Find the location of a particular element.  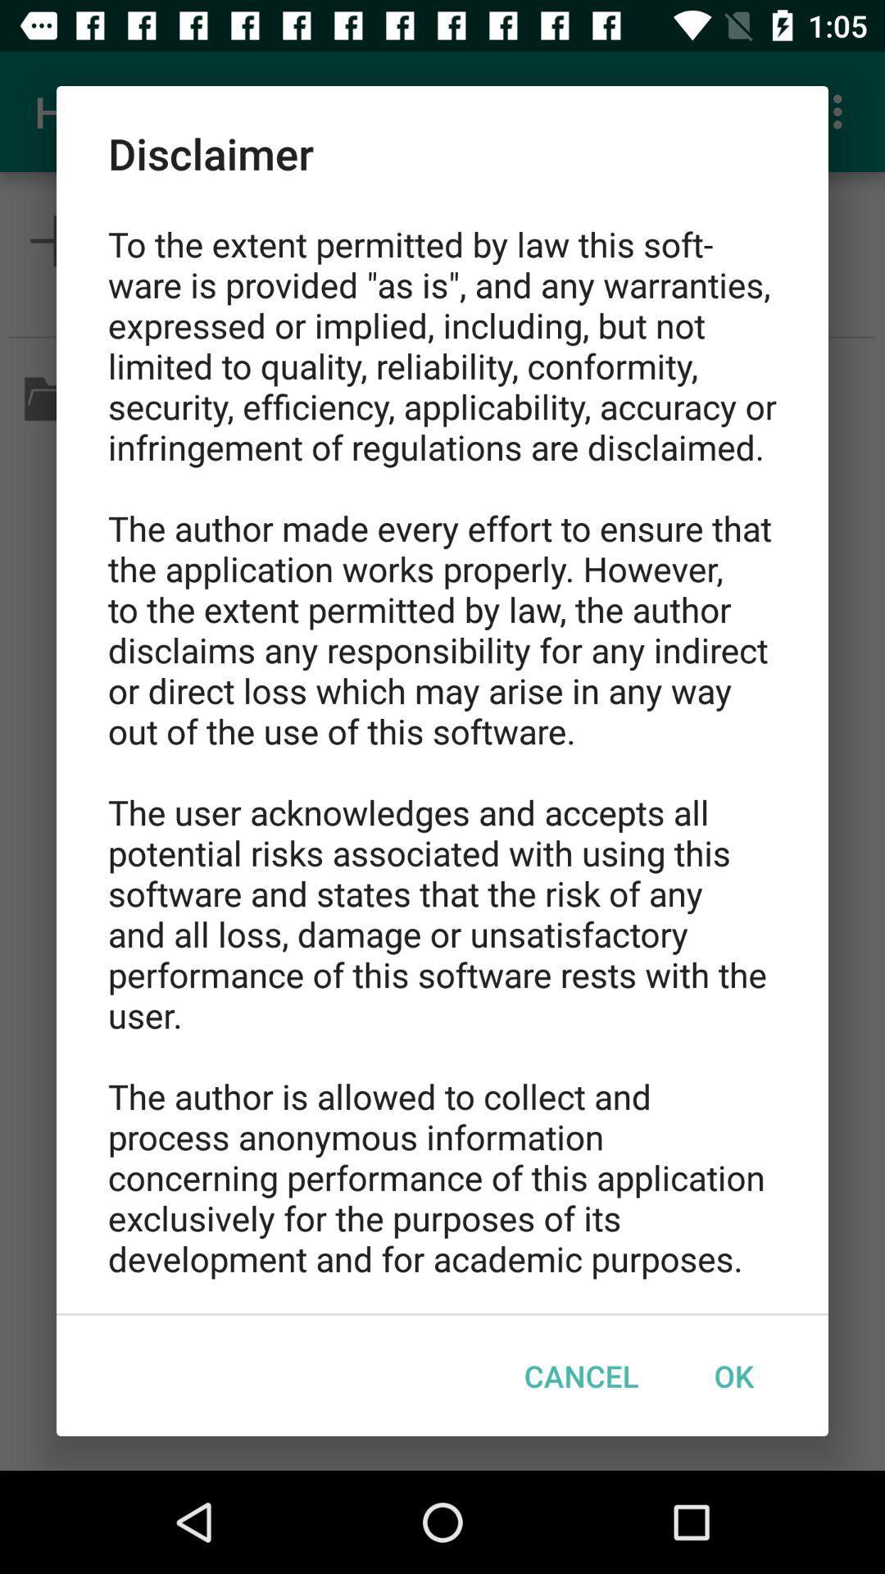

the icon below to the extent is located at coordinates (580, 1376).